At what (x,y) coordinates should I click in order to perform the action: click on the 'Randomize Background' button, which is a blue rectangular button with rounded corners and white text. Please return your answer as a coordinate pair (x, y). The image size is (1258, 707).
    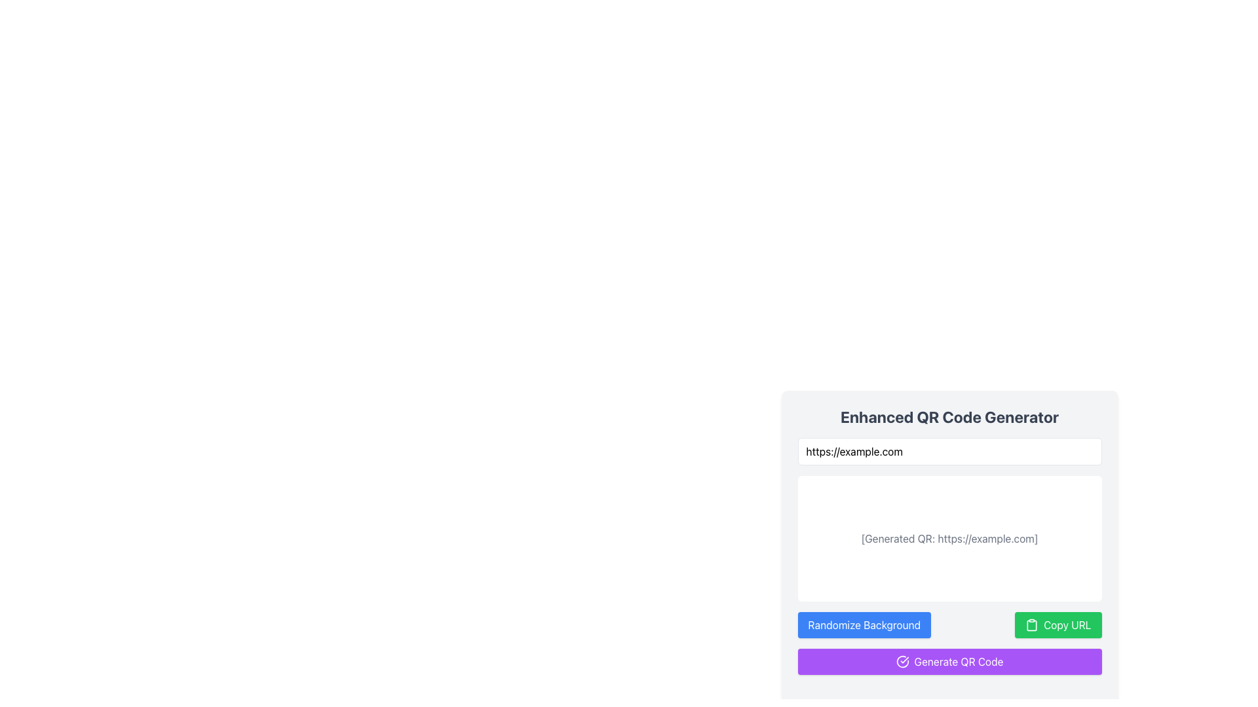
    Looking at the image, I should click on (864, 625).